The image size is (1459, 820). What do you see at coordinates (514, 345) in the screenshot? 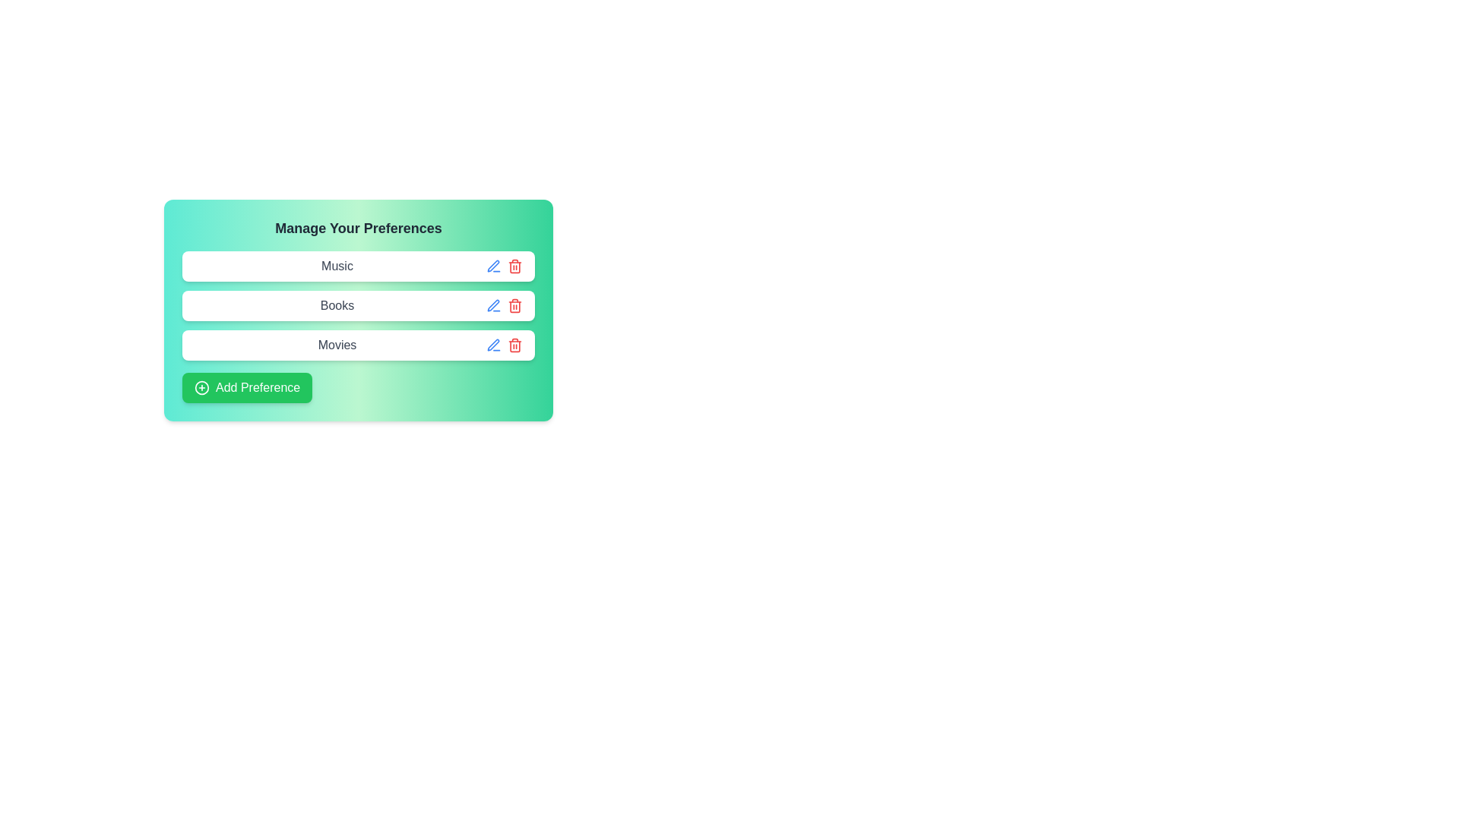
I see `delete button for the tag labeled Movies` at bounding box center [514, 345].